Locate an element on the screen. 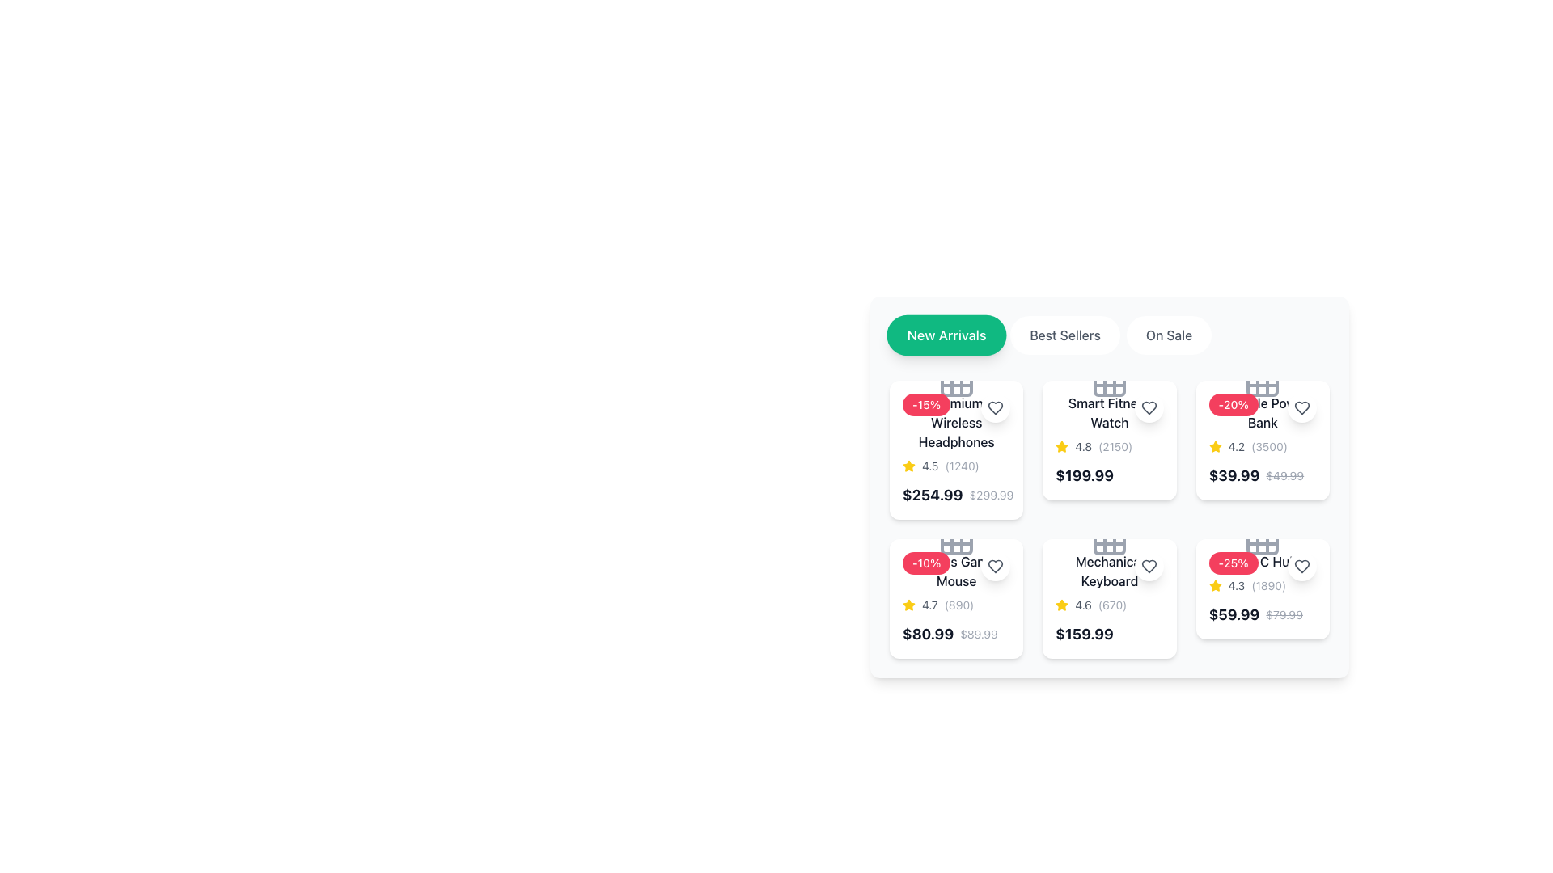 Image resolution: width=1553 pixels, height=873 pixels. the favorite action button, which is the second heart icon in the second row of the grid related to the 'Gaming Mouse' product card is located at coordinates (994, 566).